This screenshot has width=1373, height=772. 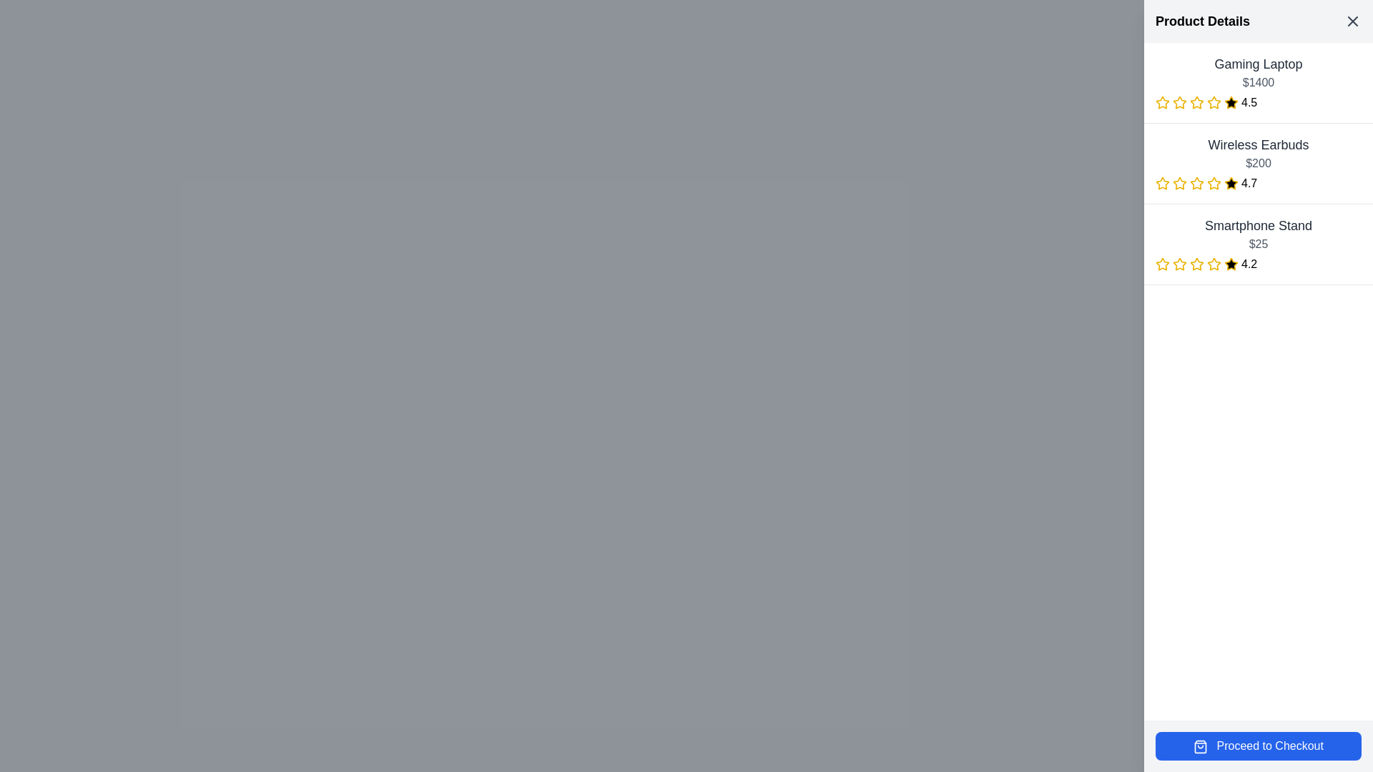 What do you see at coordinates (1231, 264) in the screenshot?
I see `the fifth rating star icon for the 'Smartphone Stand' product within the 'Product Details' panel, which is styled with a yellow fill and black interior` at bounding box center [1231, 264].